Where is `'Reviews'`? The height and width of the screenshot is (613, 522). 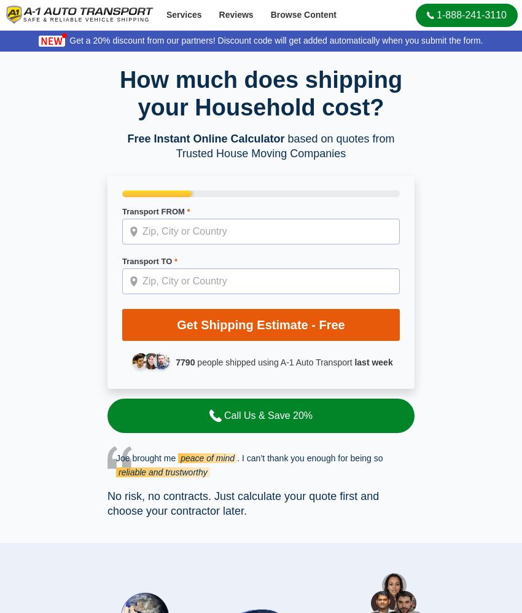 'Reviews' is located at coordinates (236, 14).